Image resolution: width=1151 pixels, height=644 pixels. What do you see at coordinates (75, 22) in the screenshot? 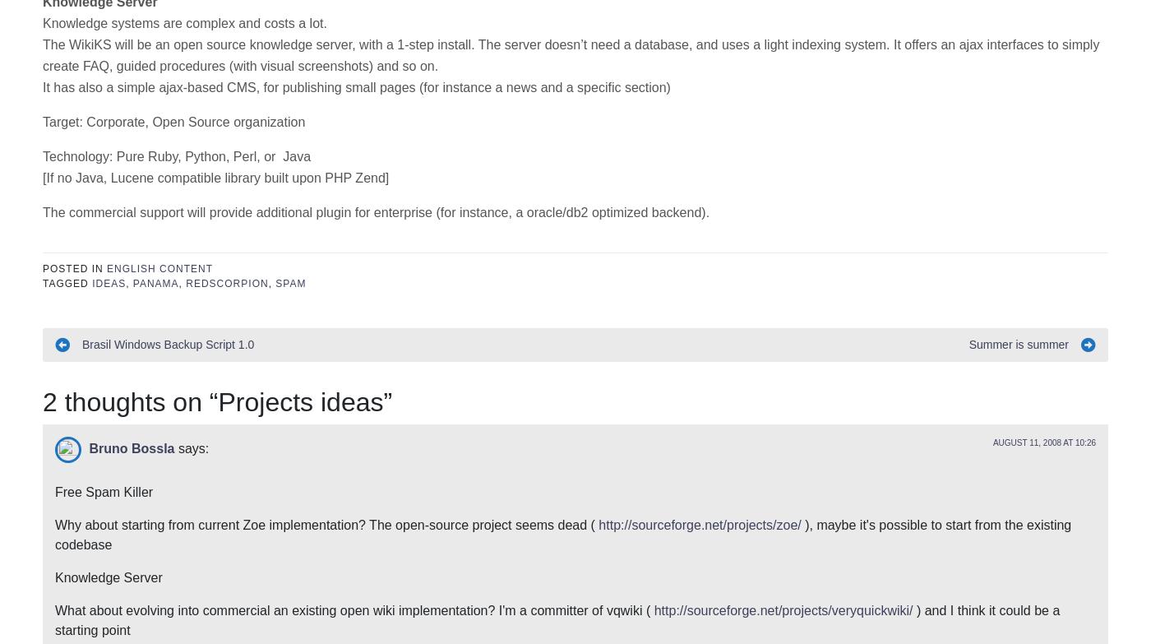
I see `'Posted in'` at bounding box center [75, 22].